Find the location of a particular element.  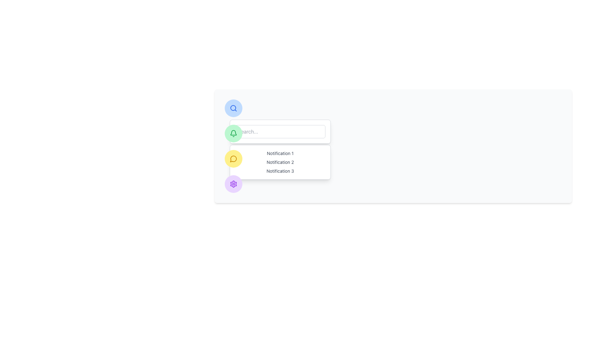

the circular yellow button with a white border and an orange speech bubble icon, which is the third button in a vertical stack of four, to observe its hover effect is located at coordinates (233, 158).